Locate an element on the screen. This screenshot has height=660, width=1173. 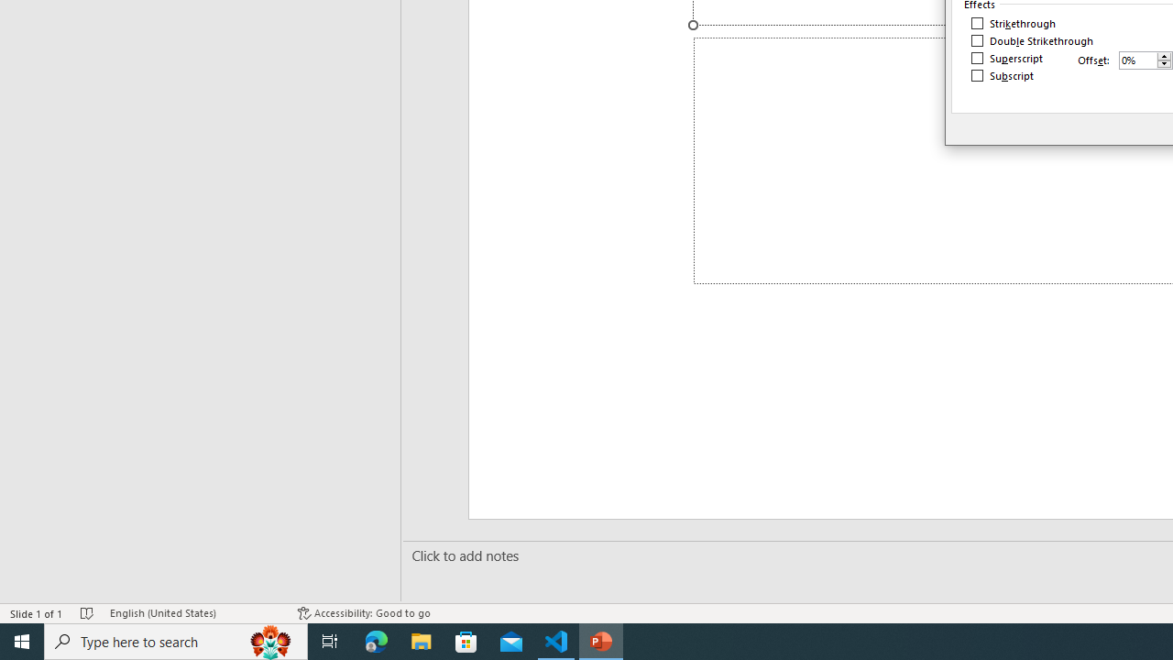
'Strikethrough' is located at coordinates (1014, 23).